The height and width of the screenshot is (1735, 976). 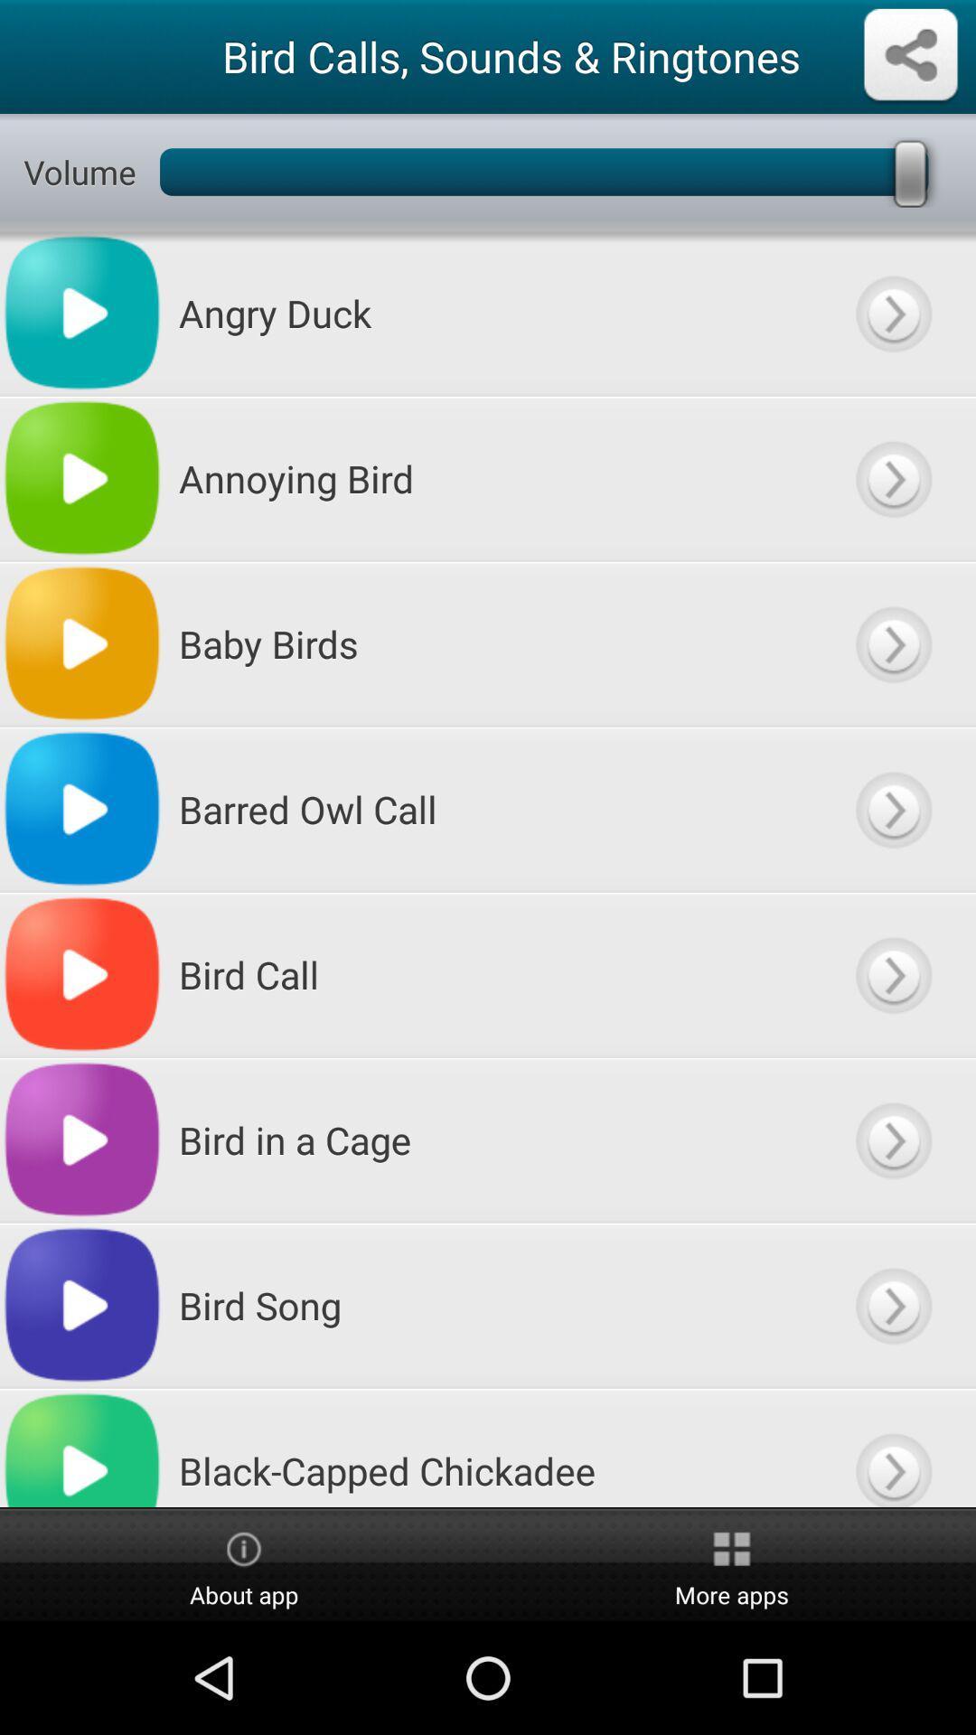 I want to click on go for more option for black capped, so click(x=892, y=1448).